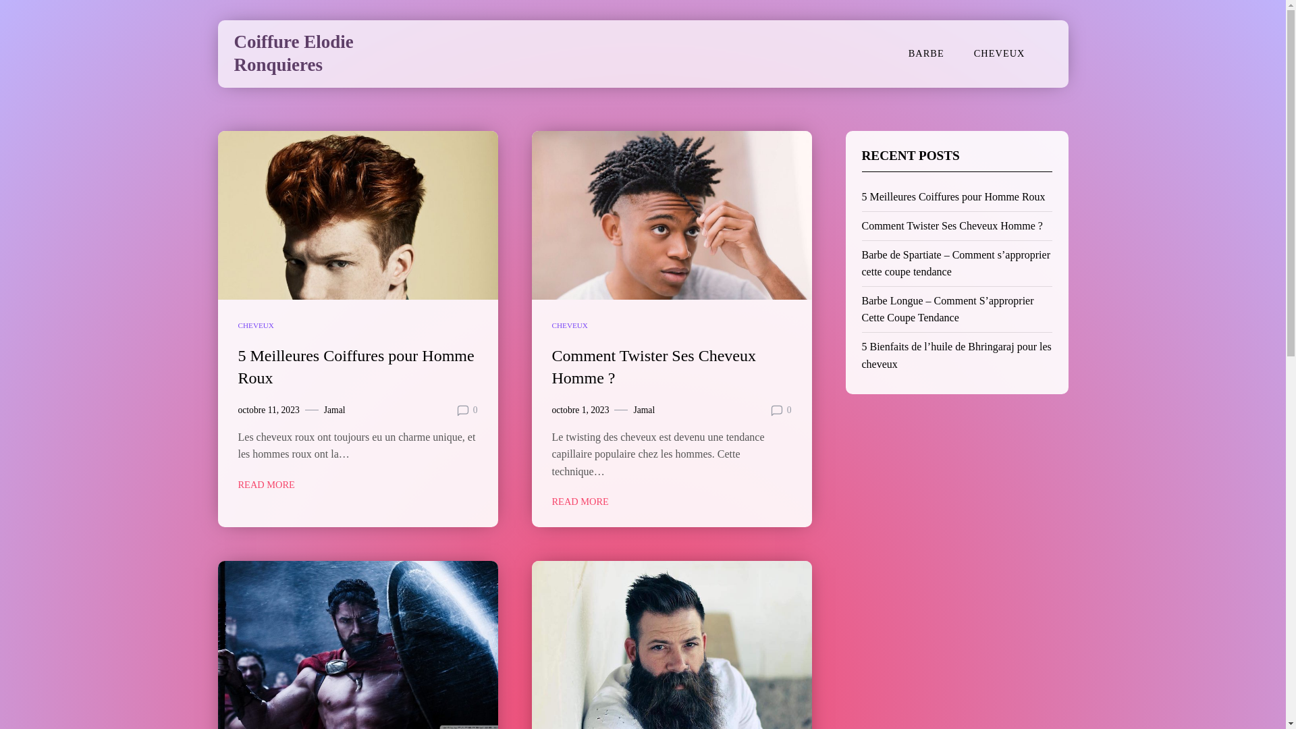 The height and width of the screenshot is (729, 1296). I want to click on 'octobre 11, 2023', so click(268, 410).